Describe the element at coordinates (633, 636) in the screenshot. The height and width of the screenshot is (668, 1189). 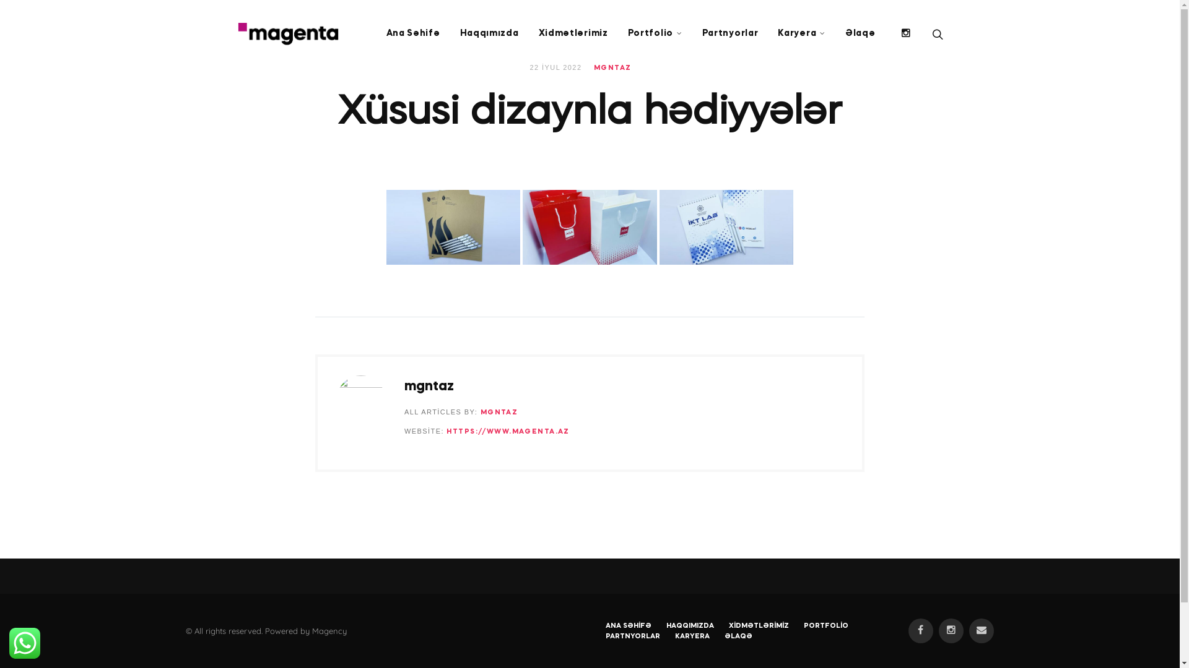
I see `'PARTNYORLAR'` at that location.